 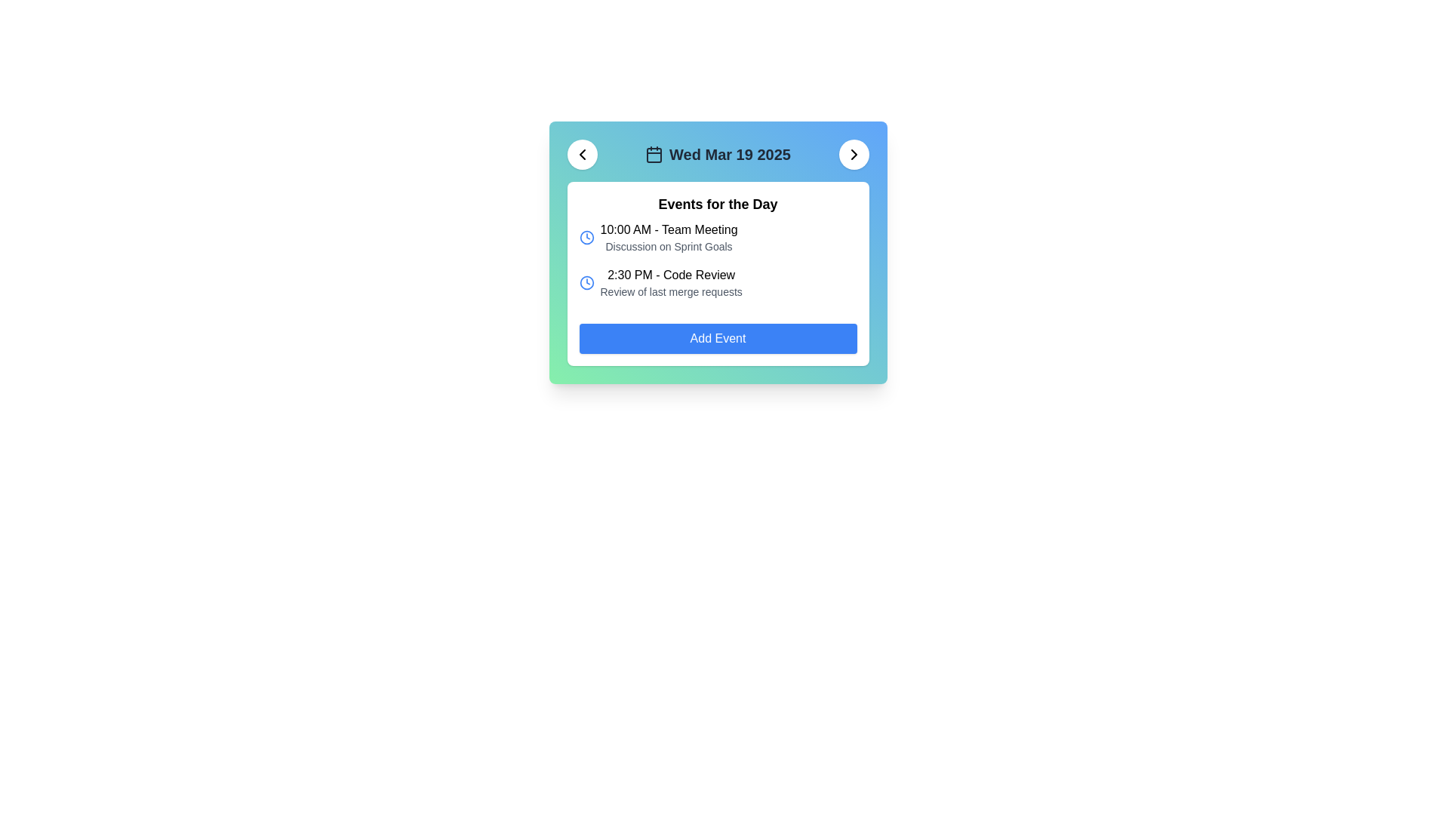 I want to click on the time icon located to the left of the text for the '2:30 PM - Code Review' event under the 'Events for the Day' heading, so click(x=586, y=282).